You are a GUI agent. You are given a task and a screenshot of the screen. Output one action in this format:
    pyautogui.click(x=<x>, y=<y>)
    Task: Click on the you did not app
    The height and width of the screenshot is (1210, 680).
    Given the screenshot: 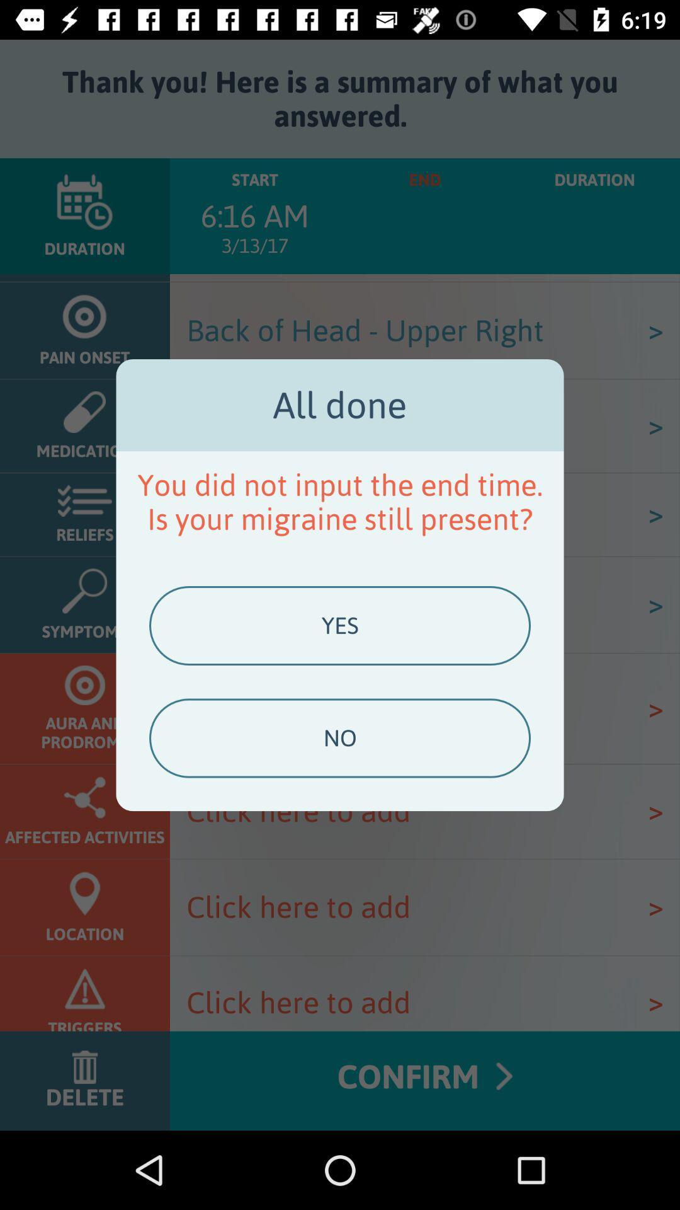 What is the action you would take?
    pyautogui.click(x=340, y=501)
    